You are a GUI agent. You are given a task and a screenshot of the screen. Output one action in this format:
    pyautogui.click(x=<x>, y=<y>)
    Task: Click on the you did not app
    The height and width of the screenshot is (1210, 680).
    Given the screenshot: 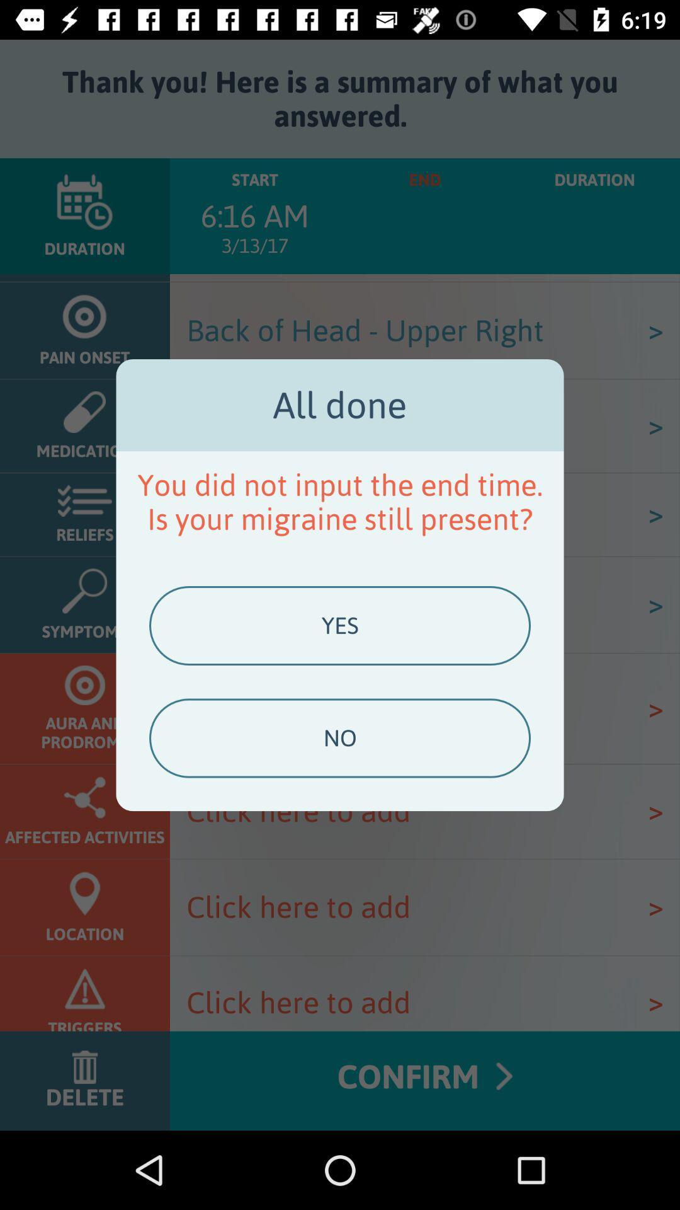 What is the action you would take?
    pyautogui.click(x=340, y=501)
    